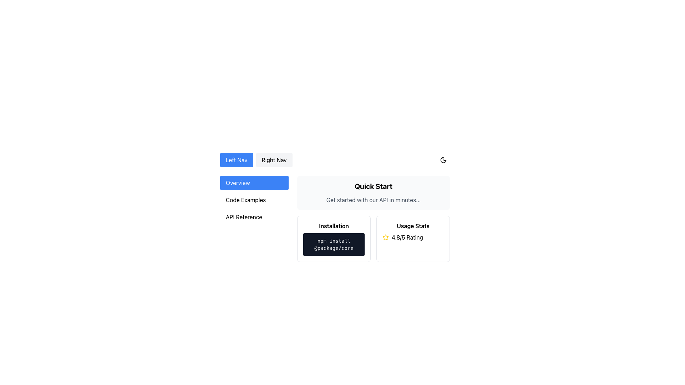  Describe the element at coordinates (256, 159) in the screenshot. I see `the group of navigation buttons that allows users to toggle between 'Left Nav' and 'Right Nav', located in the top-left of the interface, close to the horizontal center` at that location.